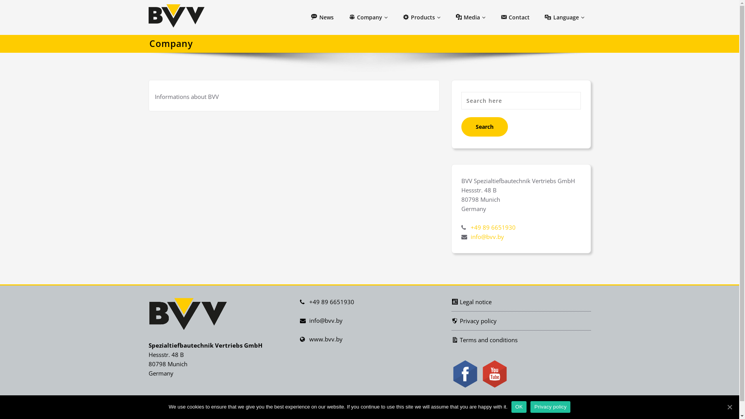 The image size is (745, 419). What do you see at coordinates (469, 17) in the screenshot?
I see `'Media'` at bounding box center [469, 17].